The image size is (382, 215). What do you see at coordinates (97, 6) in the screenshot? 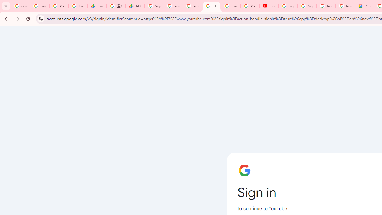
I see `'Currencies - Google Finance'` at bounding box center [97, 6].